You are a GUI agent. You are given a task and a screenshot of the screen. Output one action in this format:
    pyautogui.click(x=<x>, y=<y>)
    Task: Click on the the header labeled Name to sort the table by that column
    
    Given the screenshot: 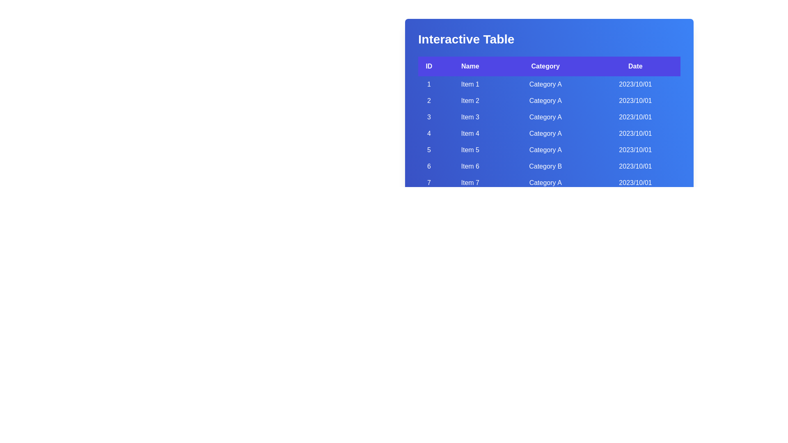 What is the action you would take?
    pyautogui.click(x=470, y=66)
    